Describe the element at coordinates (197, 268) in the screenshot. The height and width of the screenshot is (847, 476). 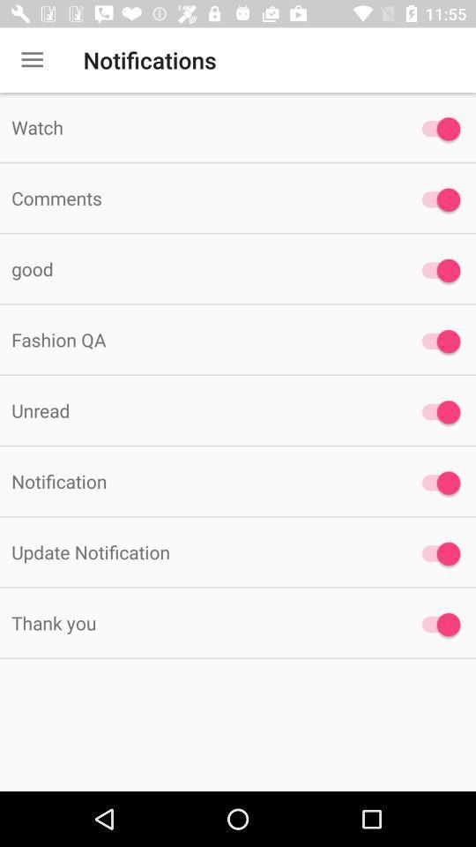
I see `good item` at that location.